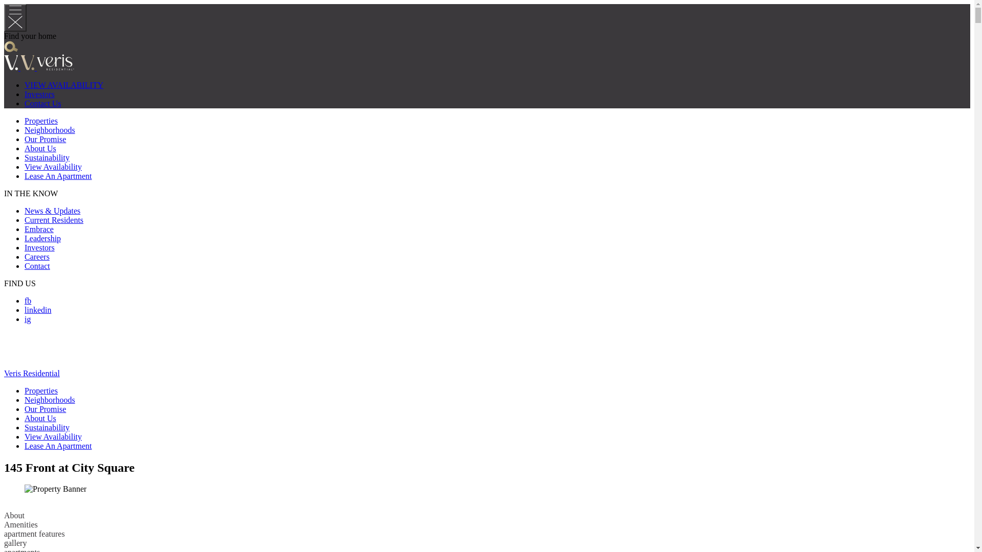 Image resolution: width=982 pixels, height=552 pixels. Describe the element at coordinates (44, 139) in the screenshot. I see `'Our Promise'` at that location.